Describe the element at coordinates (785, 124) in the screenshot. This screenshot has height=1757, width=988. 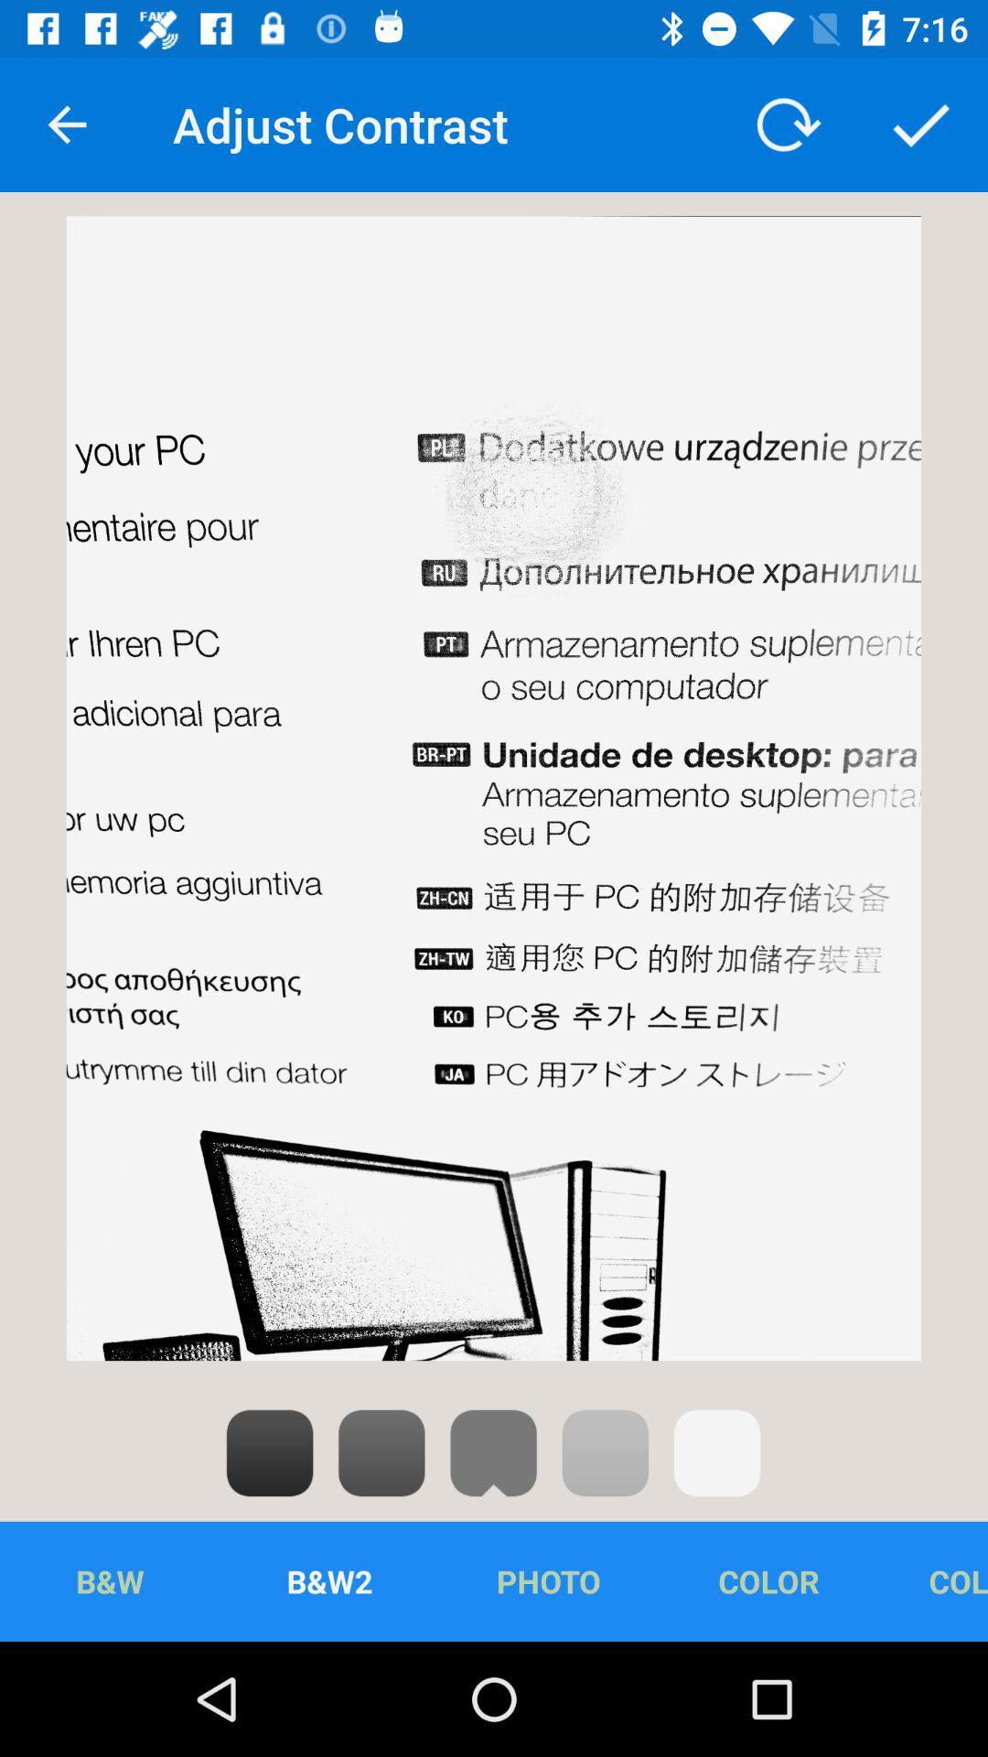
I see `icon next to the adjust contrast item` at that location.